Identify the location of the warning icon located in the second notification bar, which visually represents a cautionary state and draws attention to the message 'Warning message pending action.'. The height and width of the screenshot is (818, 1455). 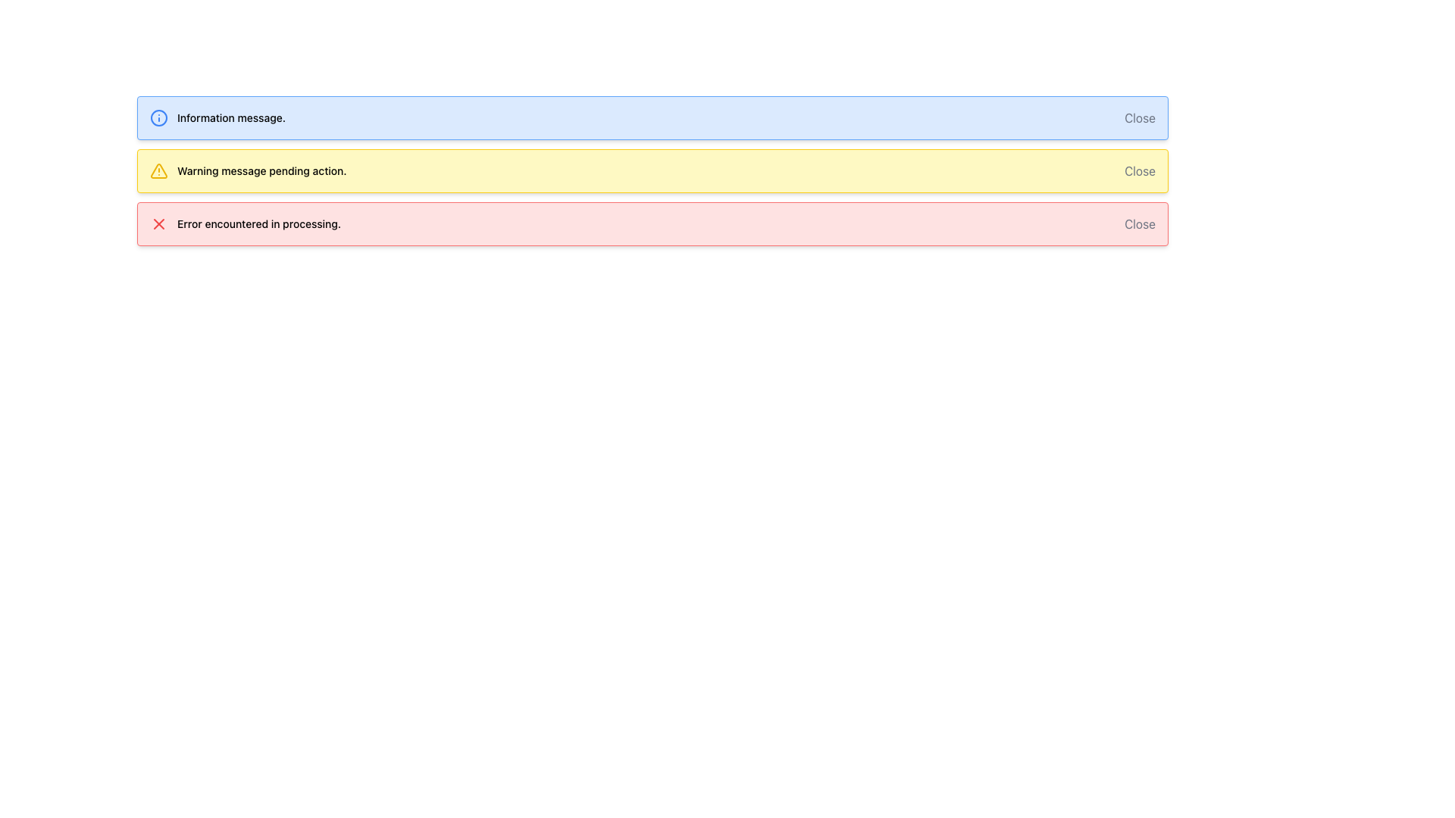
(159, 170).